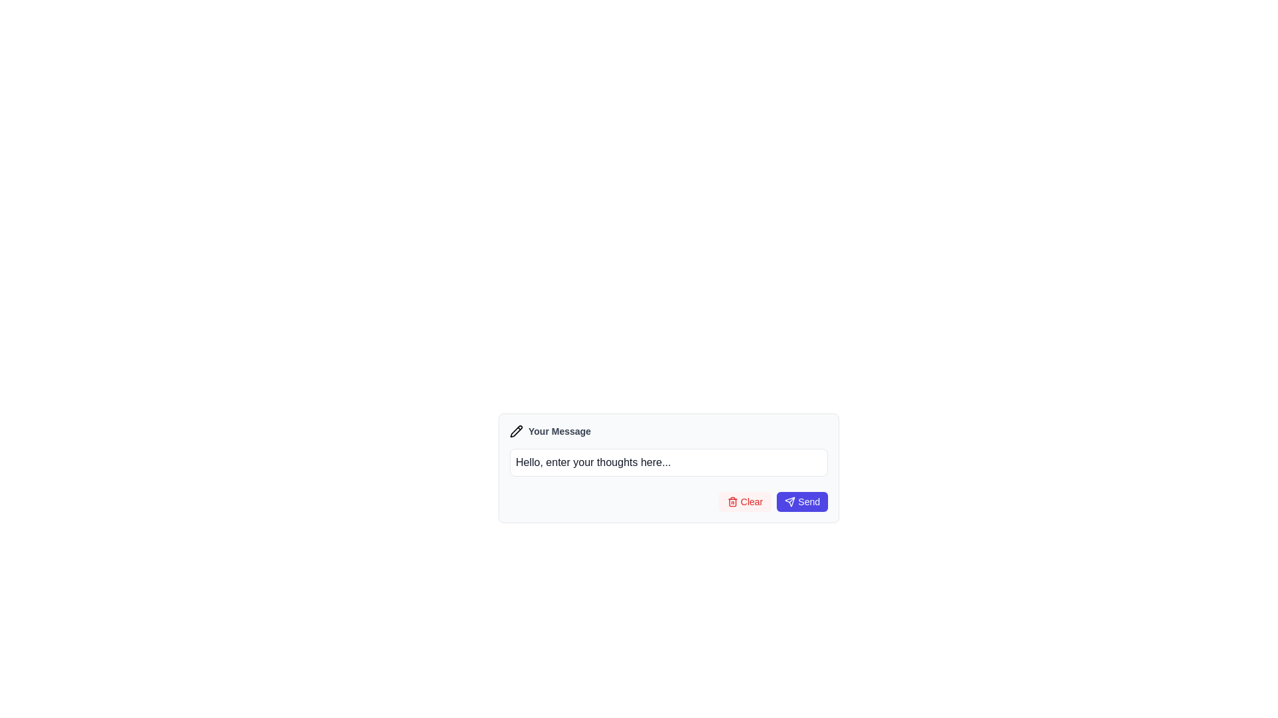 This screenshot has height=718, width=1278. I want to click on the 'Send' button which contains the icon indicating the action, so click(790, 502).